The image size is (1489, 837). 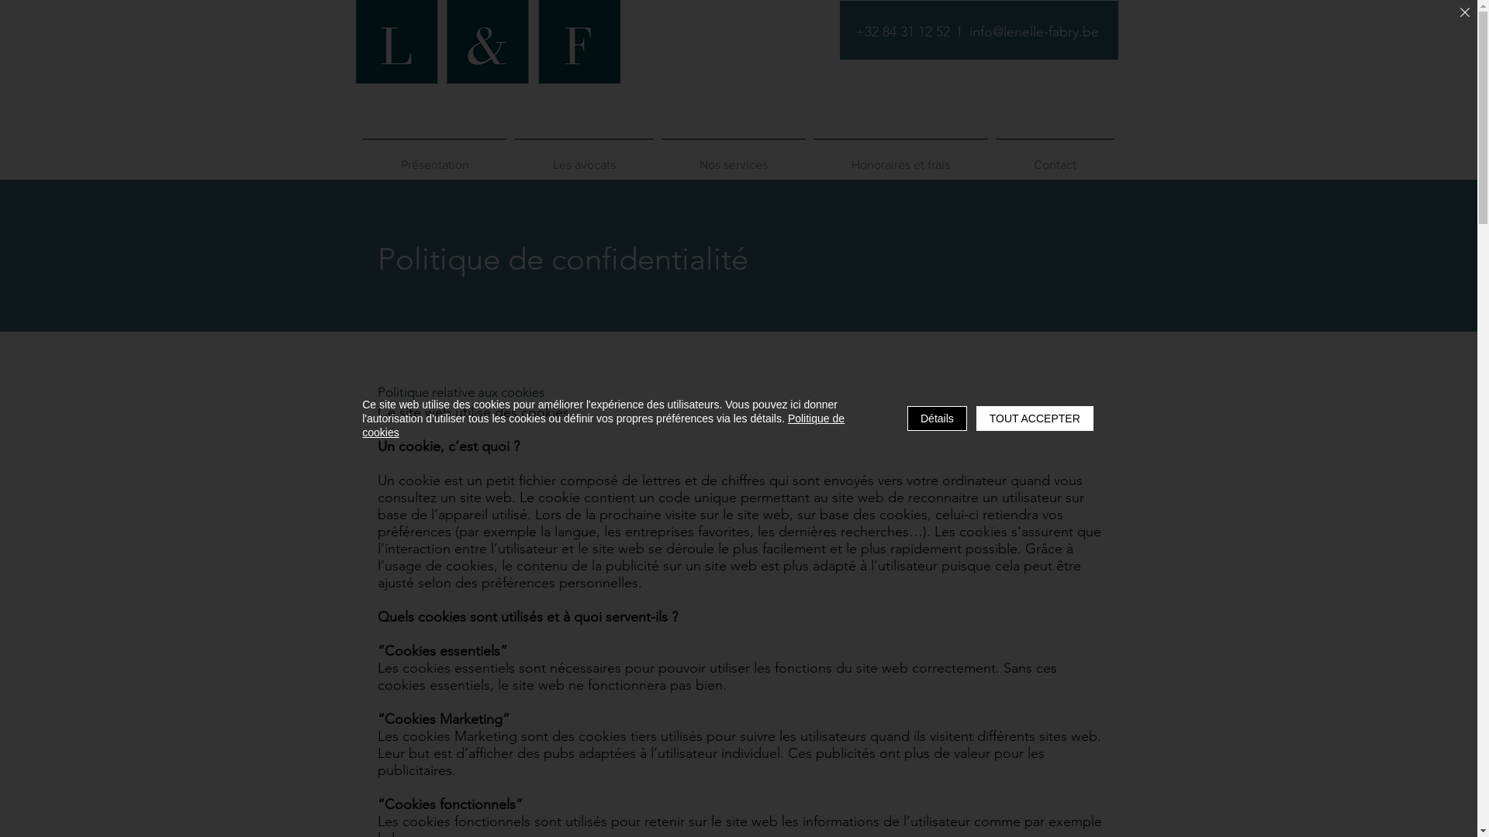 What do you see at coordinates (1035, 418) in the screenshot?
I see `'TOUT ACCEPTER'` at bounding box center [1035, 418].